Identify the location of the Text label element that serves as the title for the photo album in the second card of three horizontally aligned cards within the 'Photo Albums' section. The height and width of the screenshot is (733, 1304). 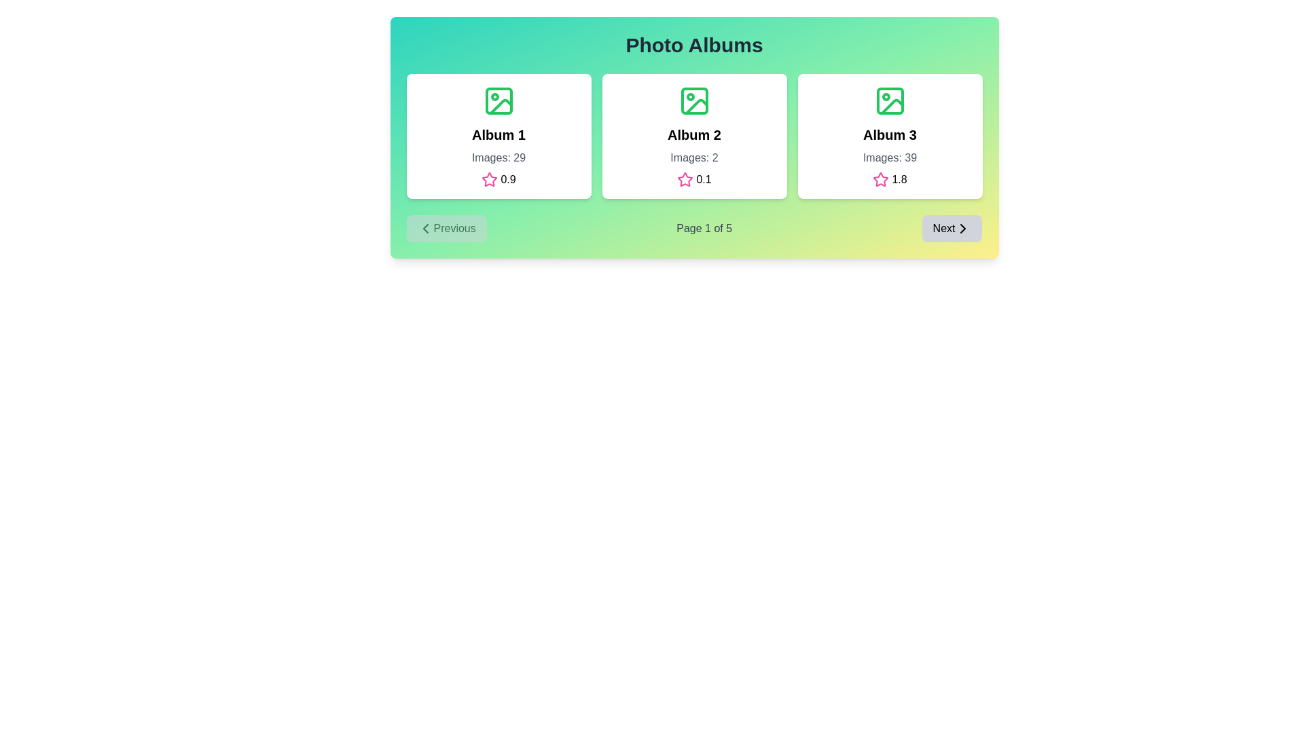
(694, 135).